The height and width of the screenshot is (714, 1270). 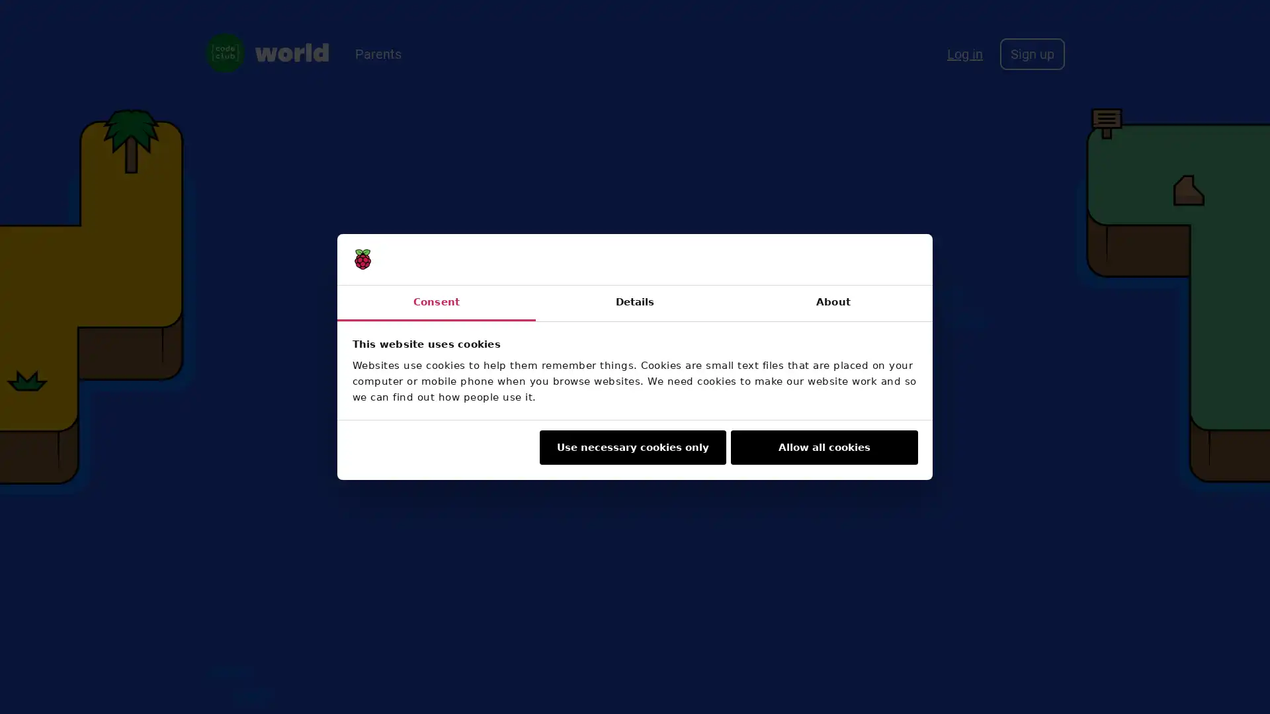 I want to click on Allow all cookies, so click(x=824, y=447).